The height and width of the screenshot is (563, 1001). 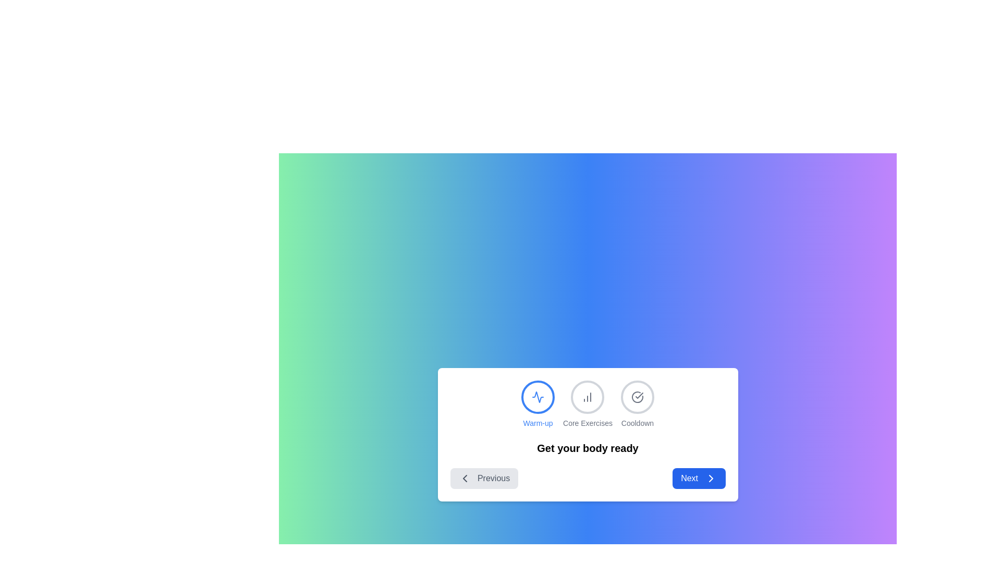 What do you see at coordinates (699, 479) in the screenshot?
I see `the 'Next' button to navigate to the next step` at bounding box center [699, 479].